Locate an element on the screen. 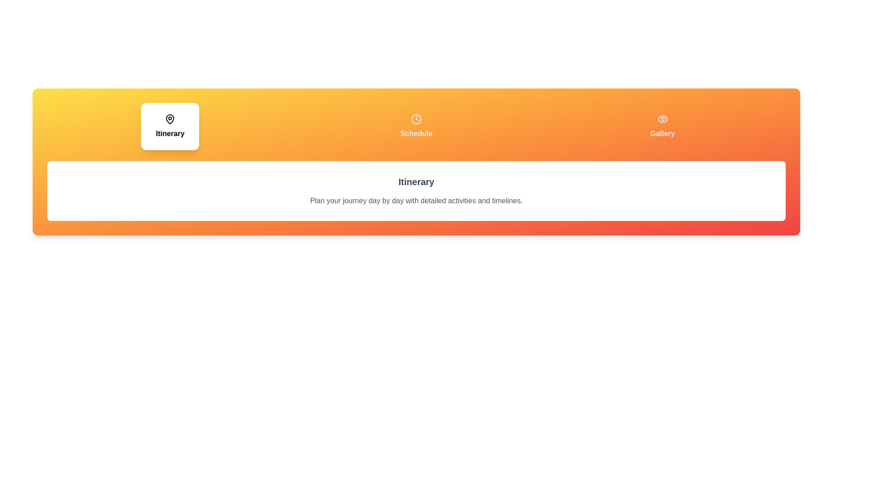  the tab labeled Gallery to view its content is located at coordinates (662, 126).